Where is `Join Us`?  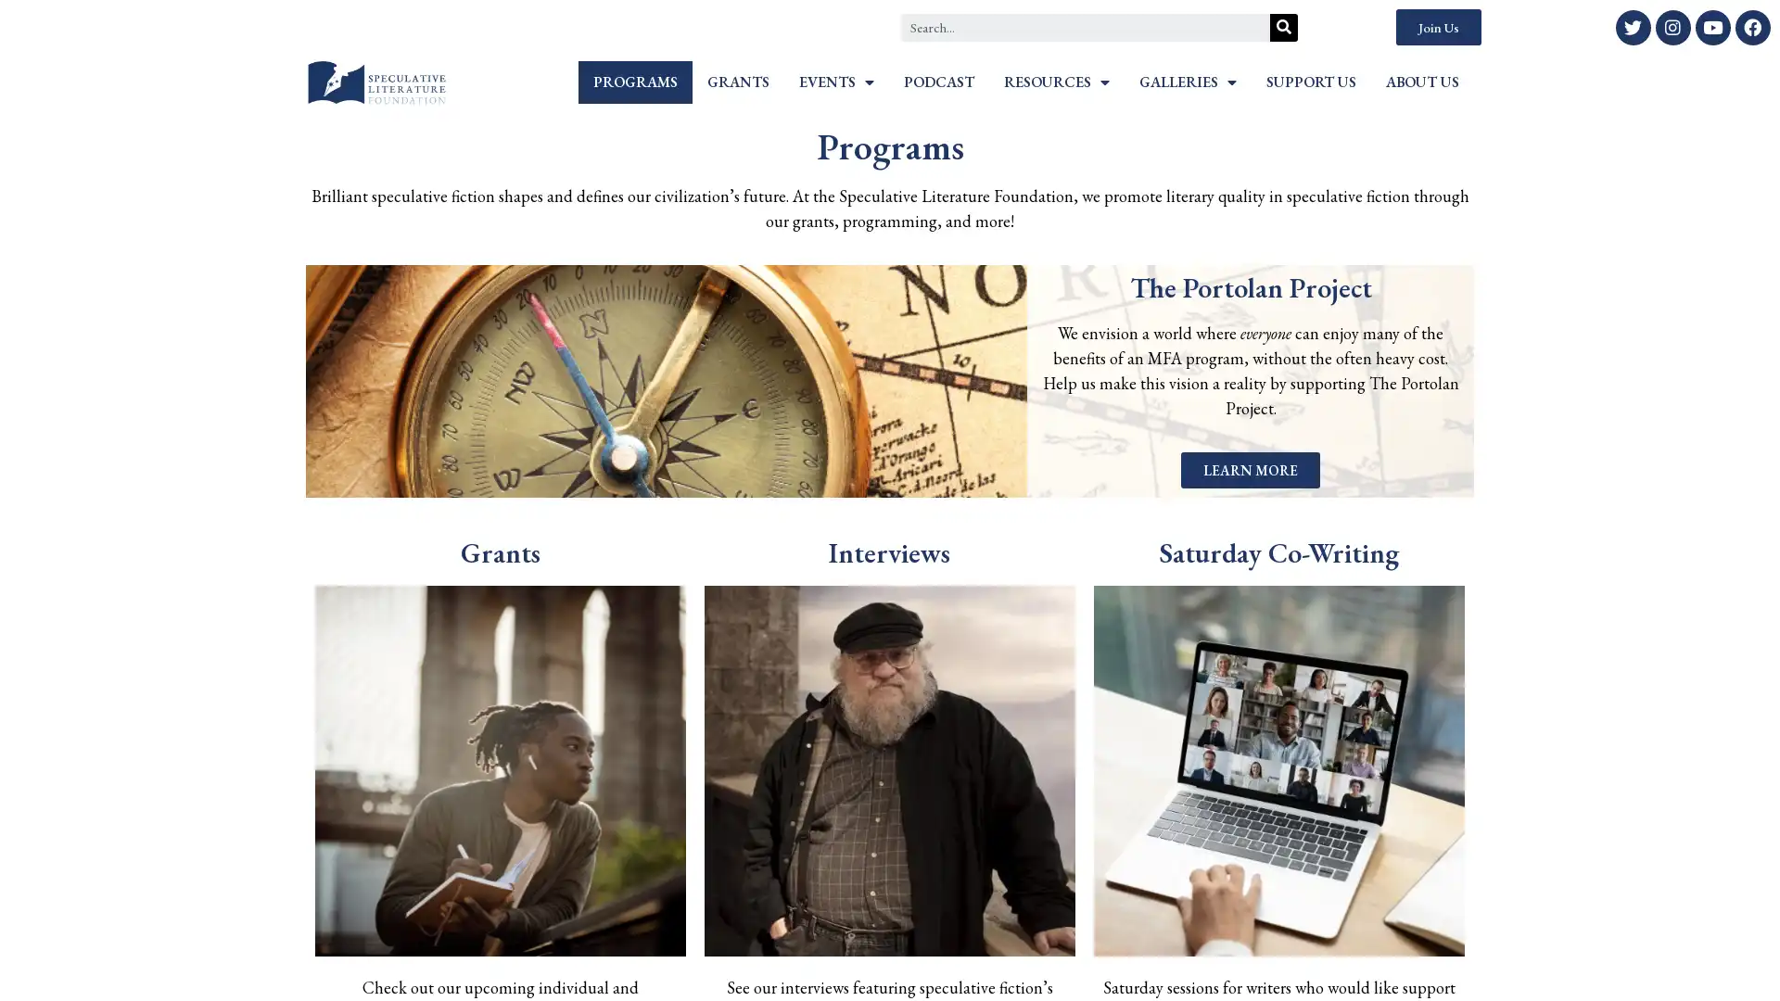 Join Us is located at coordinates (1437, 27).